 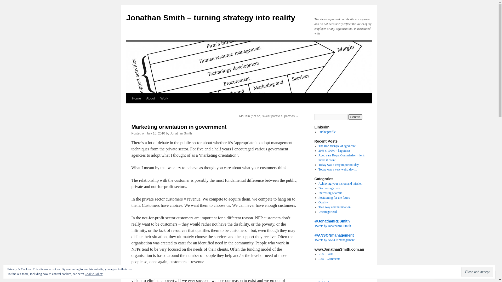 I want to click on 'Marketing orientation in government', so click(x=179, y=127).